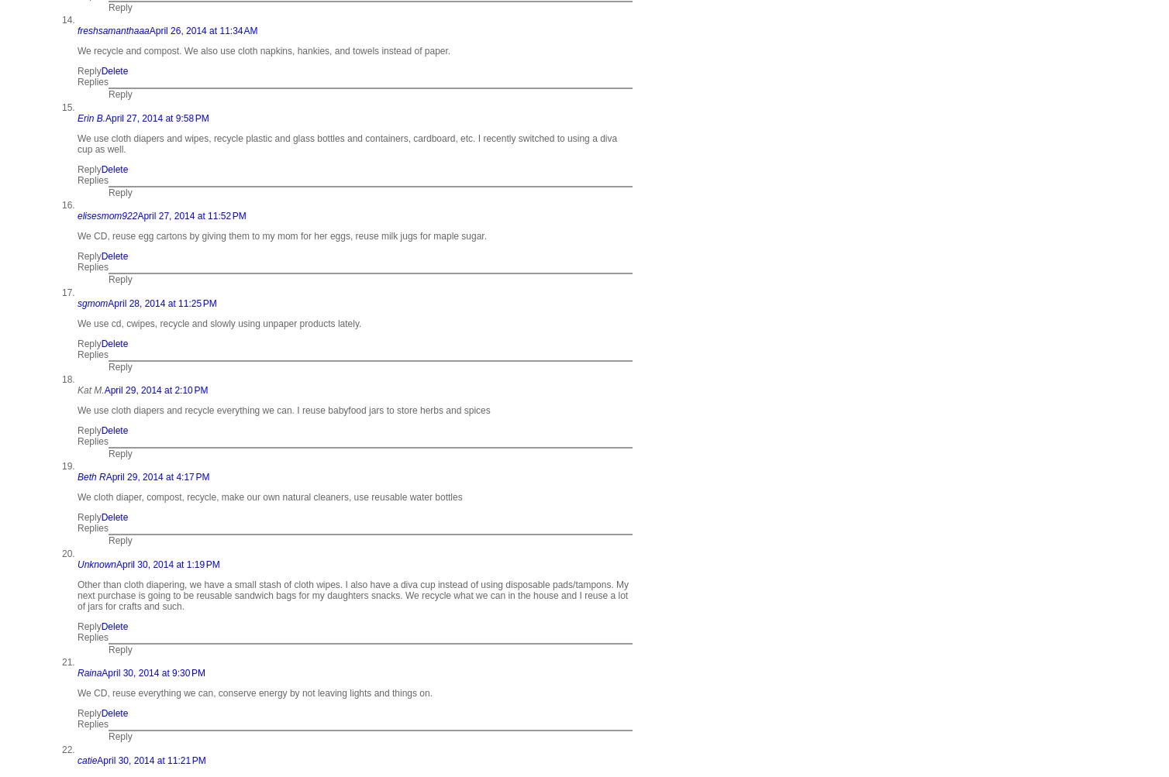  I want to click on 'April 27, 2014 at 11:52 PM', so click(191, 216).